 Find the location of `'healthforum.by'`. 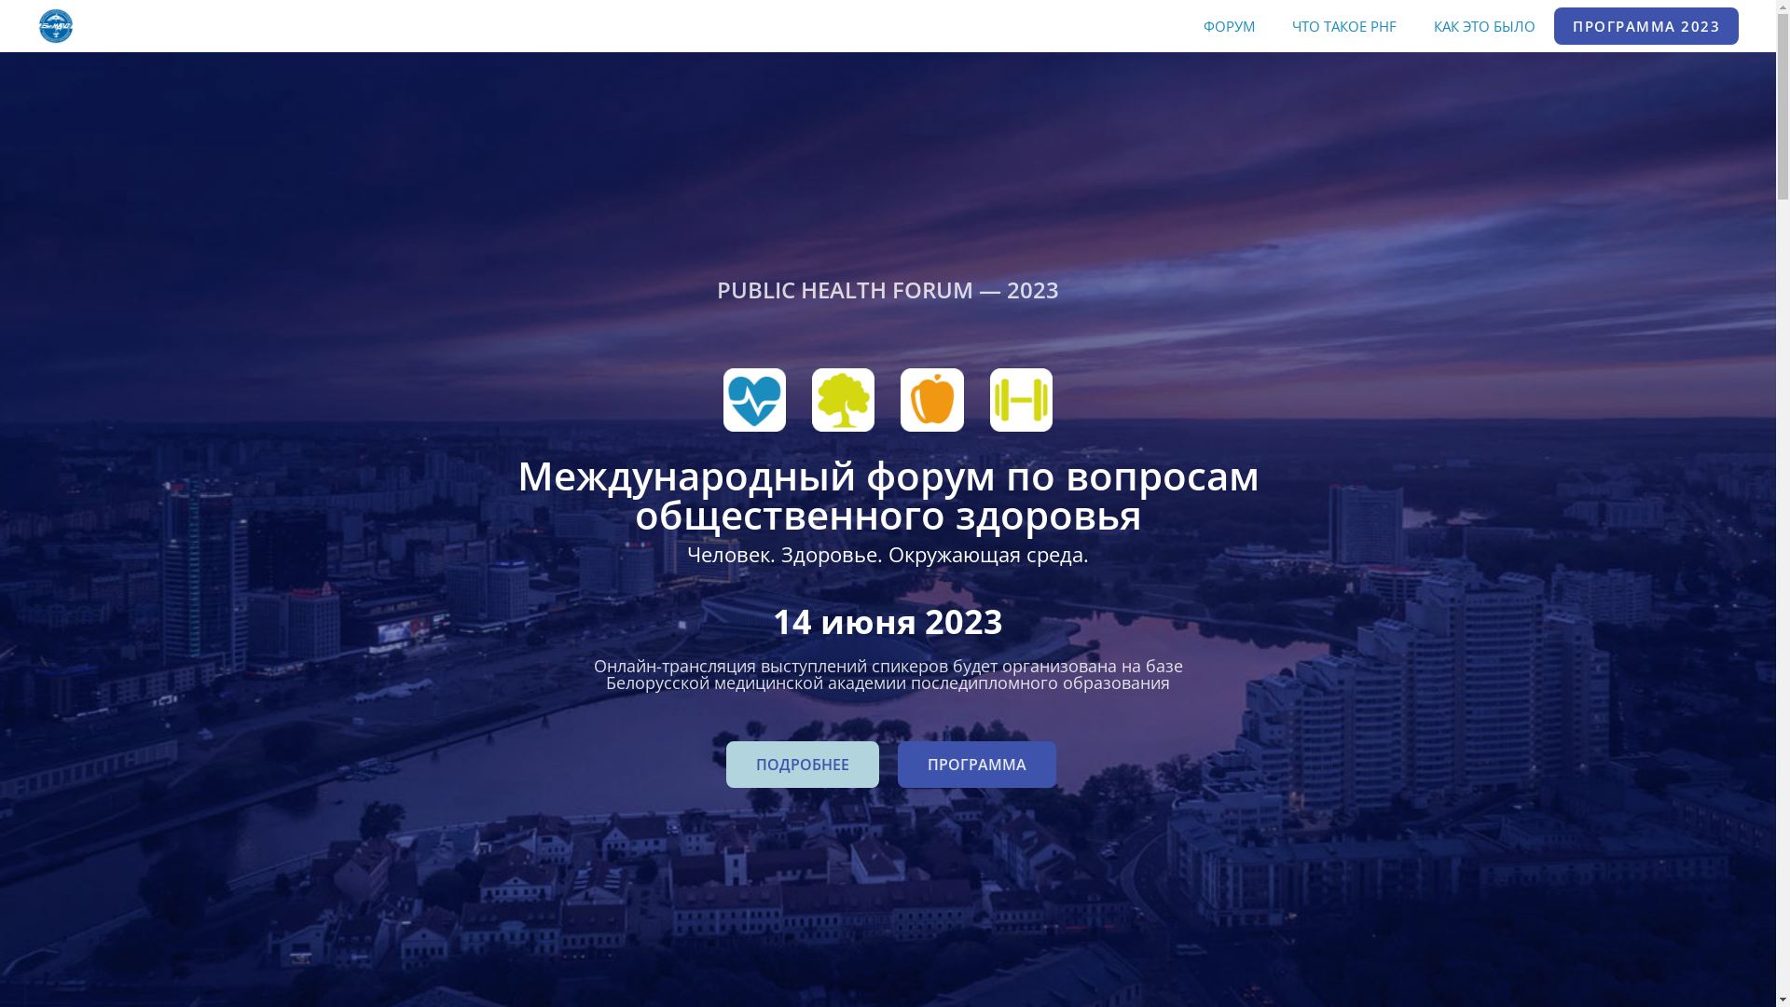

'healthforum.by' is located at coordinates (55, 24).